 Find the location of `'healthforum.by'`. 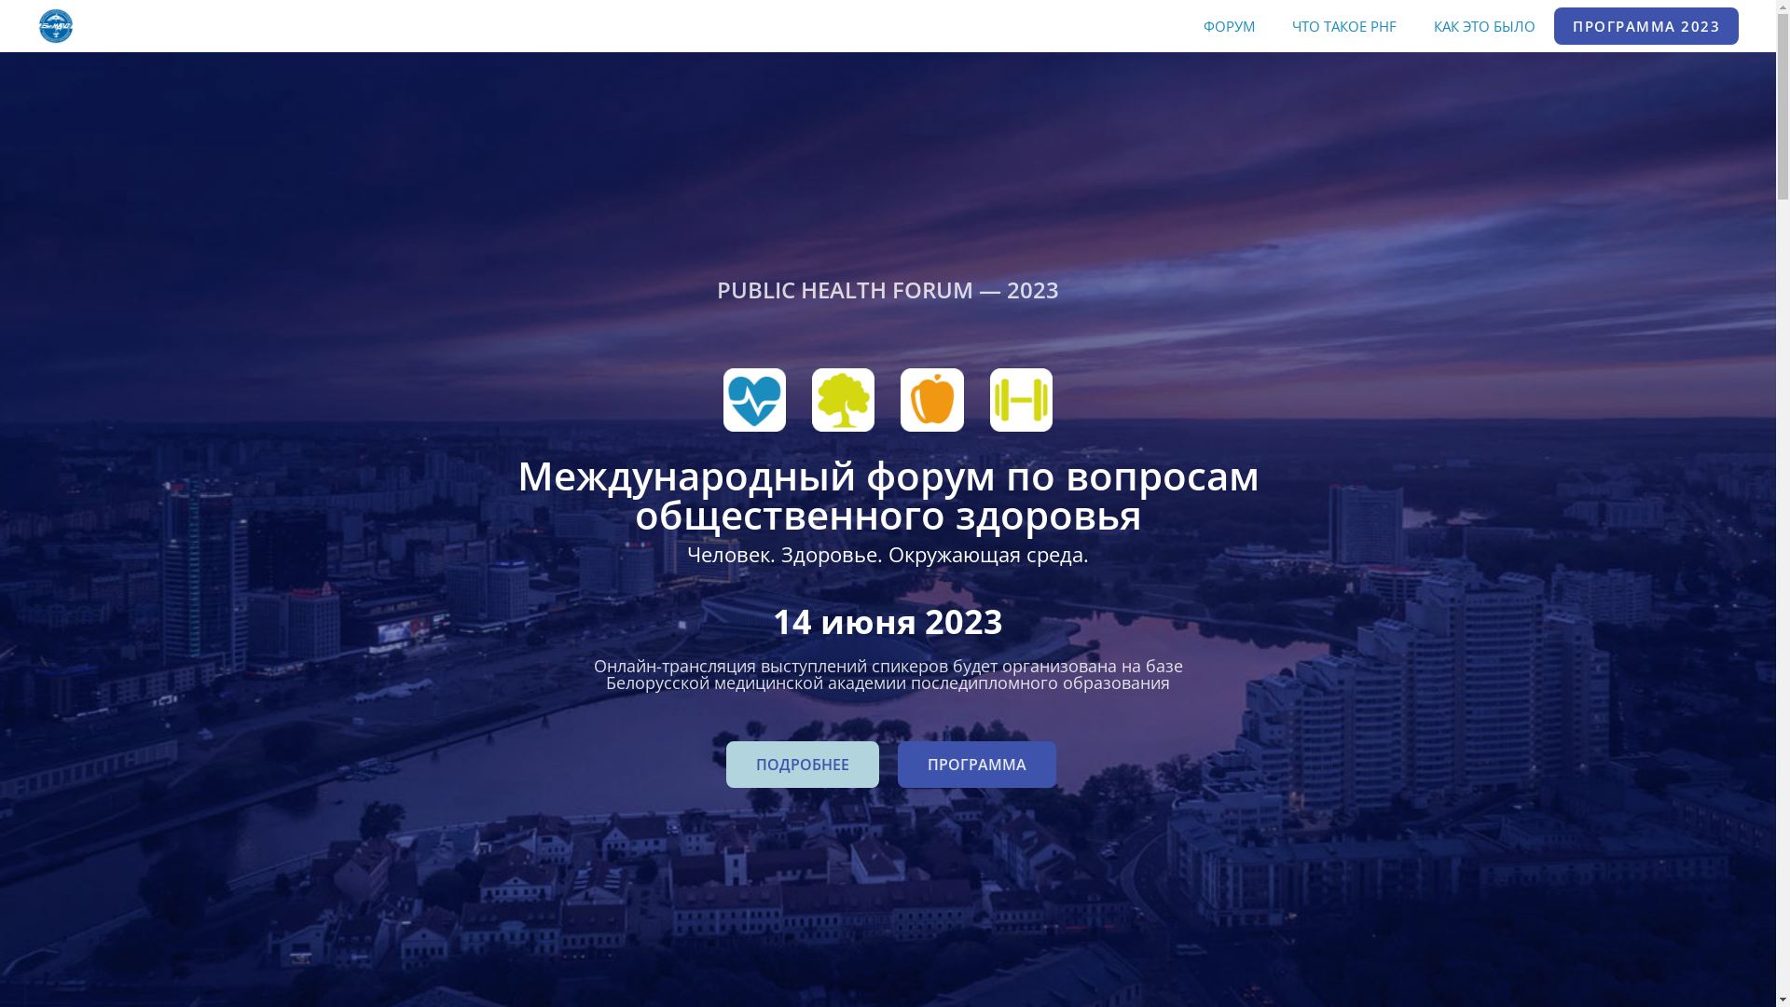

'healthforum.by' is located at coordinates (55, 24).